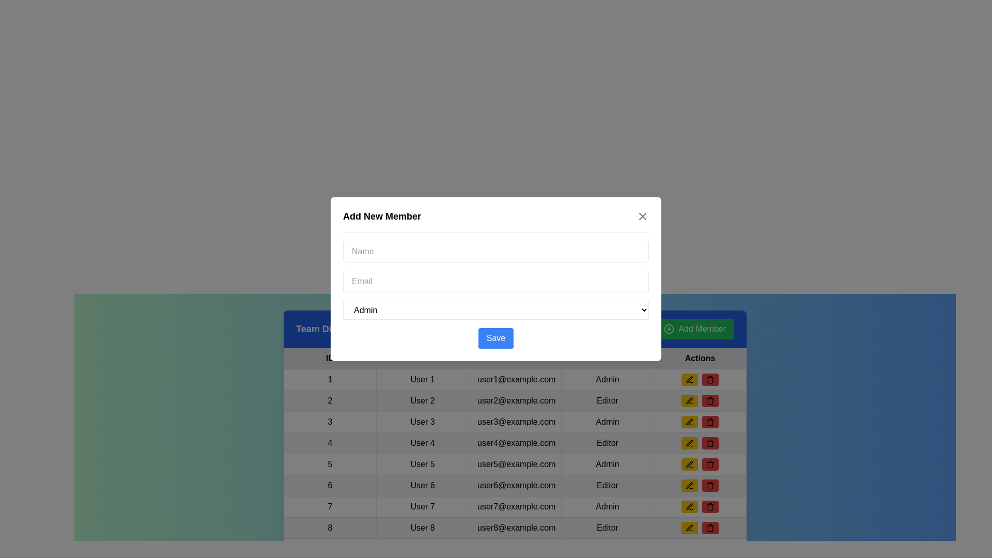  Describe the element at coordinates (700, 463) in the screenshot. I see `the edit button located in the 'Actions' column for the fifth user record in the table to initiate the edit functionality` at that location.